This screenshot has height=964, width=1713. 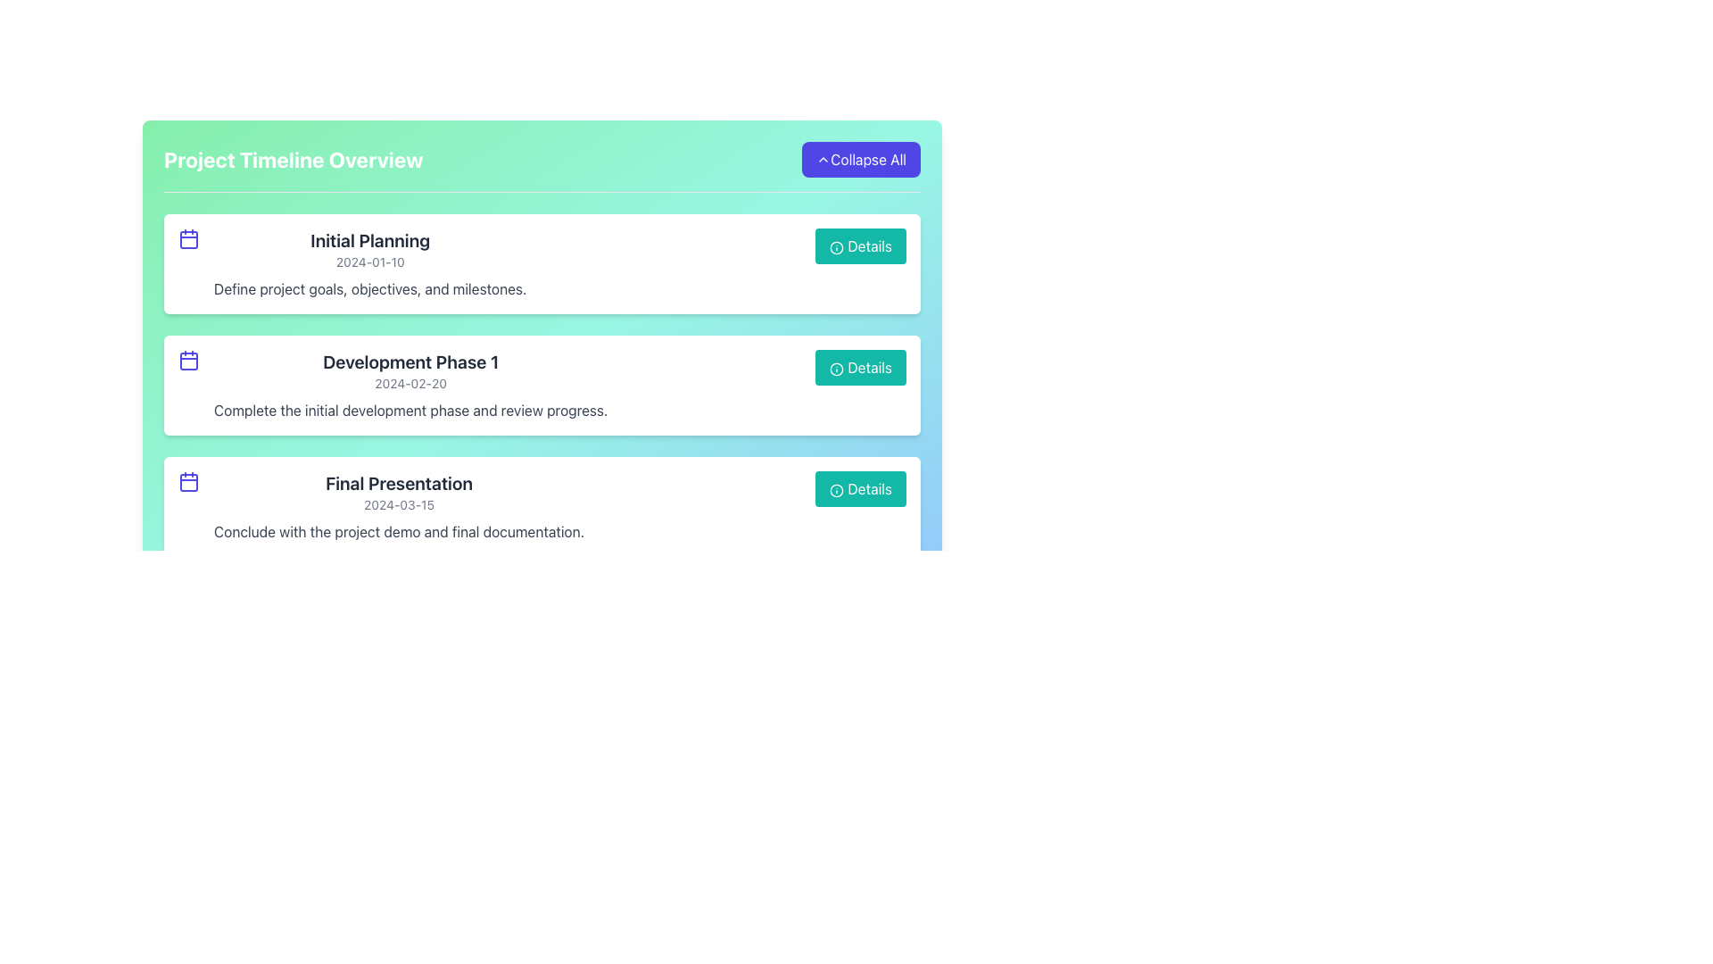 I want to click on the text block containing the title 'Final Presentation', the date '2024-03-15', and the description 'Conclude with the project demo and final documentation.' for accessibility, so click(x=398, y=506).